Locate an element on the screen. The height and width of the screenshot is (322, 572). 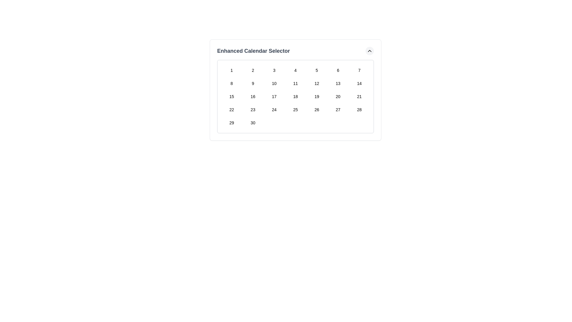
the button representing the date '13' in the calendar interface is located at coordinates (338, 83).